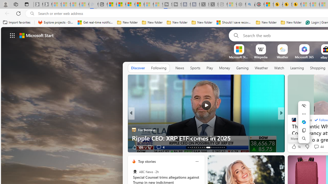 The height and width of the screenshot is (184, 328). I want to click on '39 Like', so click(294, 147).